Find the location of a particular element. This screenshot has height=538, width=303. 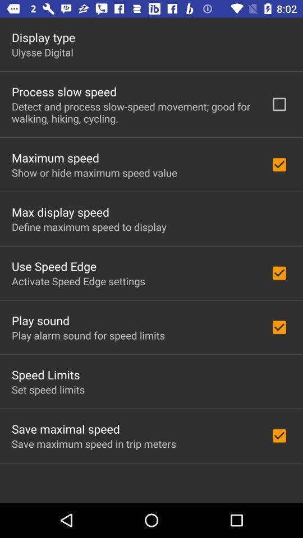

the ulysse digital icon is located at coordinates (42, 52).